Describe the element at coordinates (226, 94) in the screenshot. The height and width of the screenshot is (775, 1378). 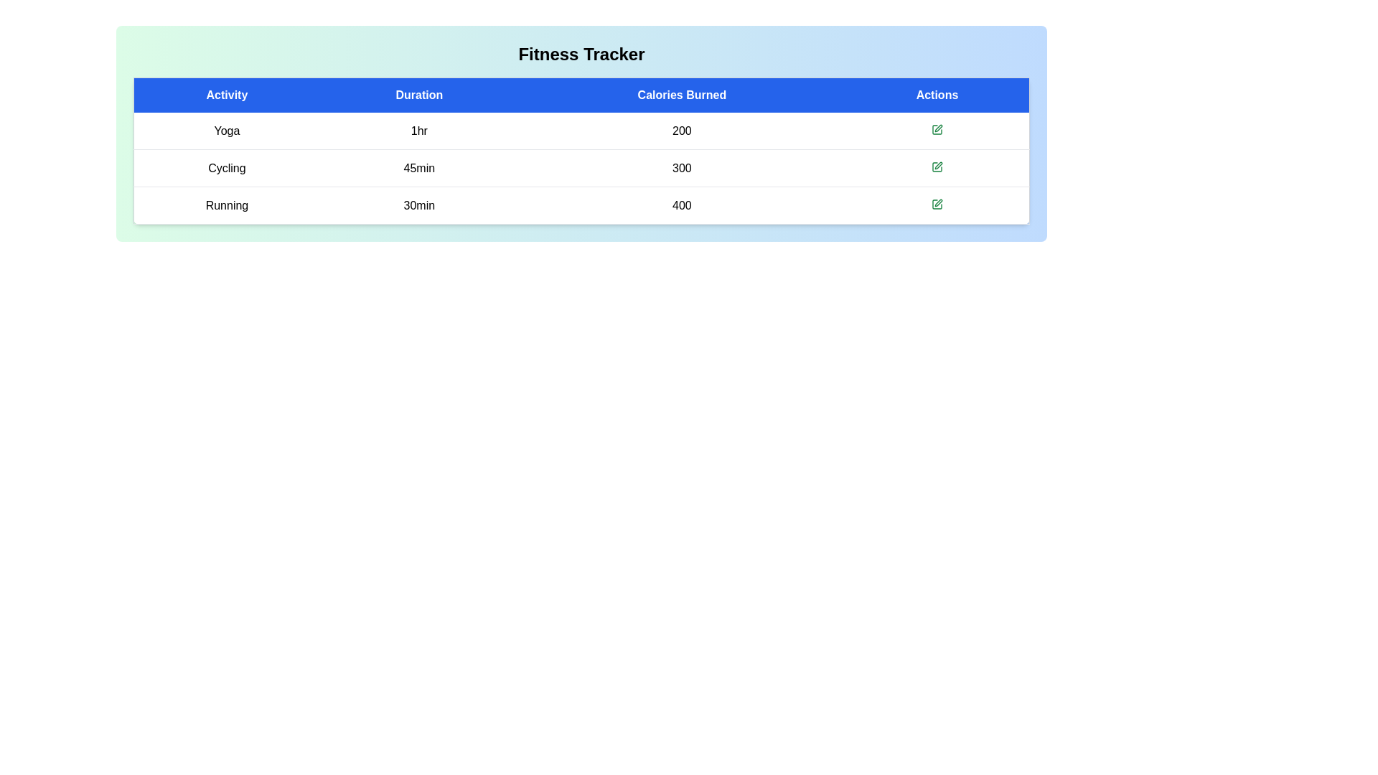
I see `the column header Activity to sort or interact with it` at that location.